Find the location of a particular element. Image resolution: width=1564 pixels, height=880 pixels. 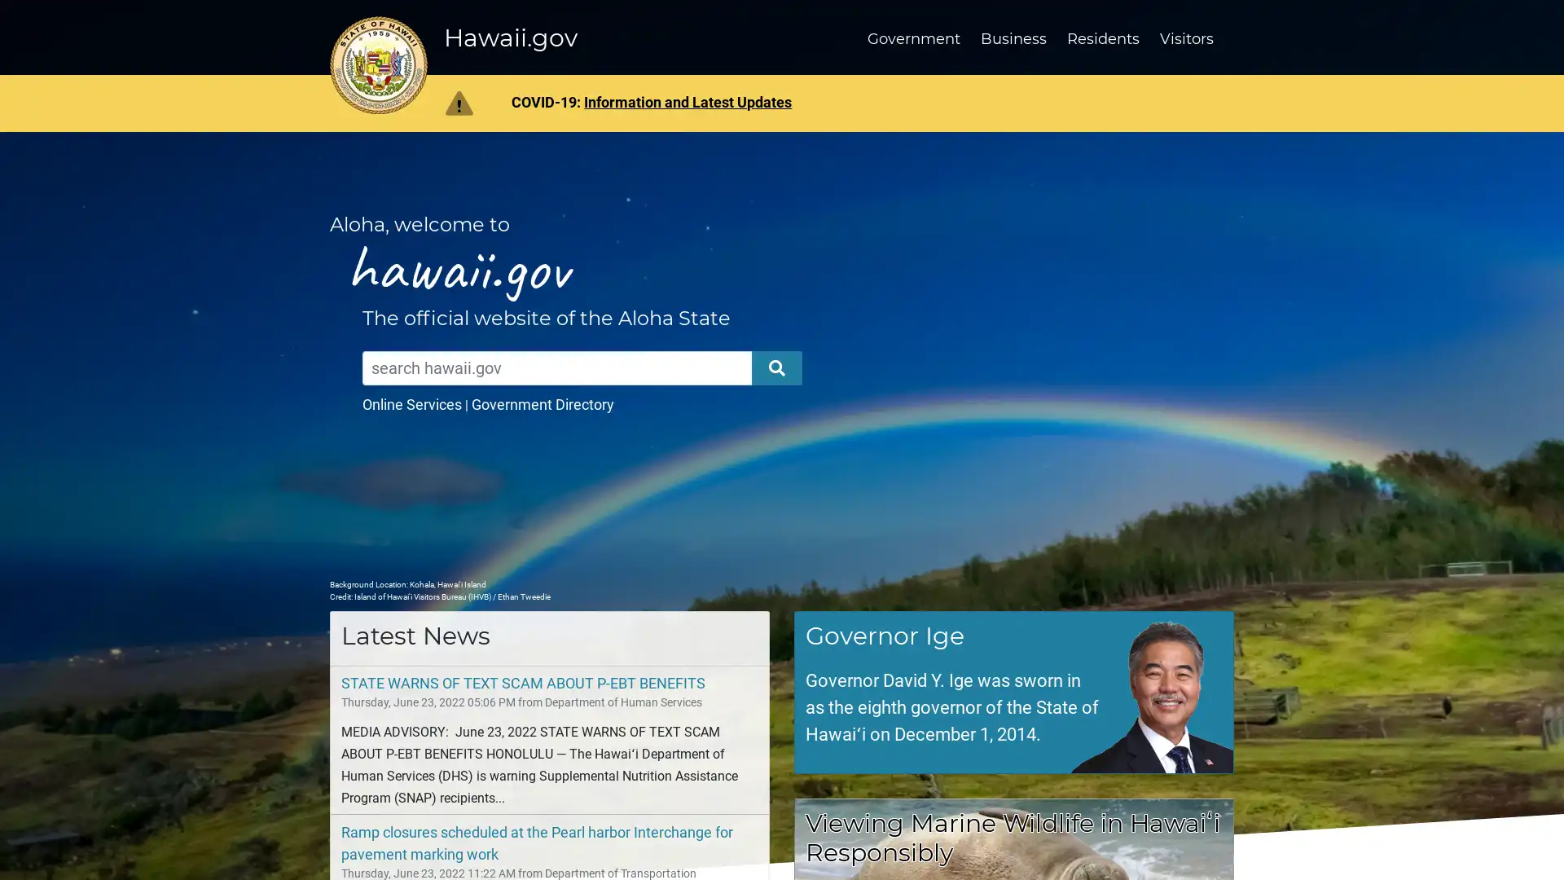

Search is located at coordinates (776, 367).